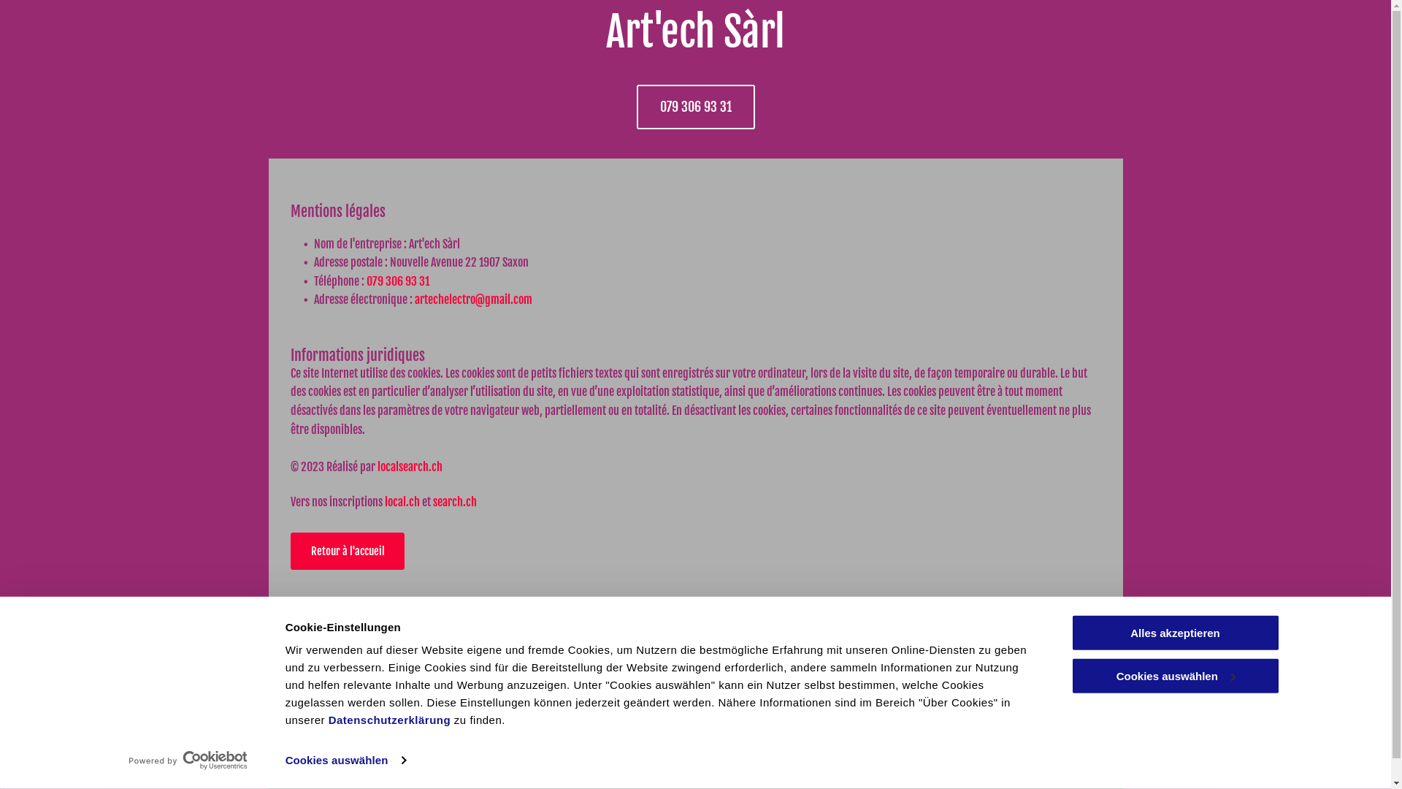  I want to click on '079 306 93 31', so click(637, 106).